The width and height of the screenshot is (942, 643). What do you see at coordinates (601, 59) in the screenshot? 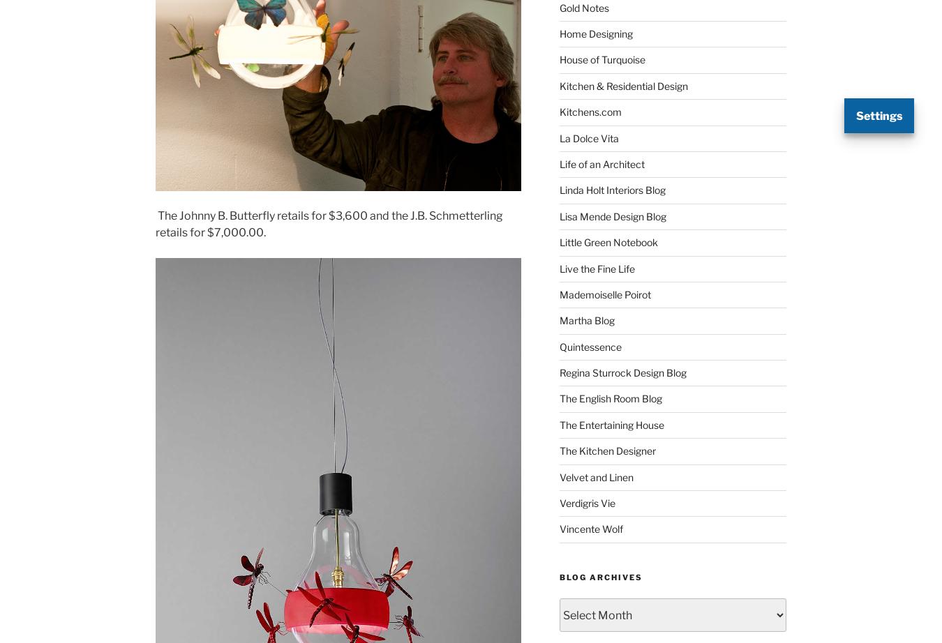
I see `'House of Turquoise'` at bounding box center [601, 59].